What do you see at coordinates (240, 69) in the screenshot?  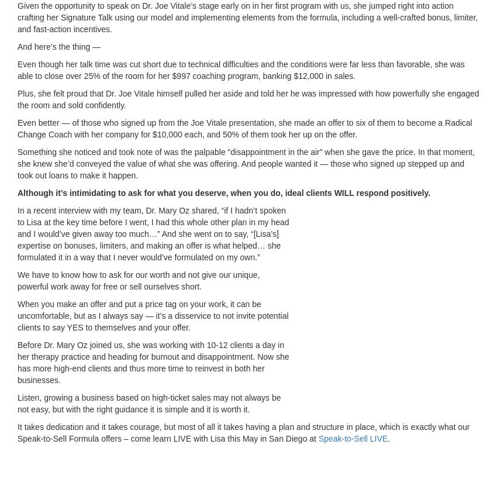 I see `'Even though her talk time was cut short due to technical difficulties and the conditions were far less than favorable, she was able to close over 25% of the room for her $997 coaching program, banking $12,000 in sales.'` at bounding box center [240, 69].